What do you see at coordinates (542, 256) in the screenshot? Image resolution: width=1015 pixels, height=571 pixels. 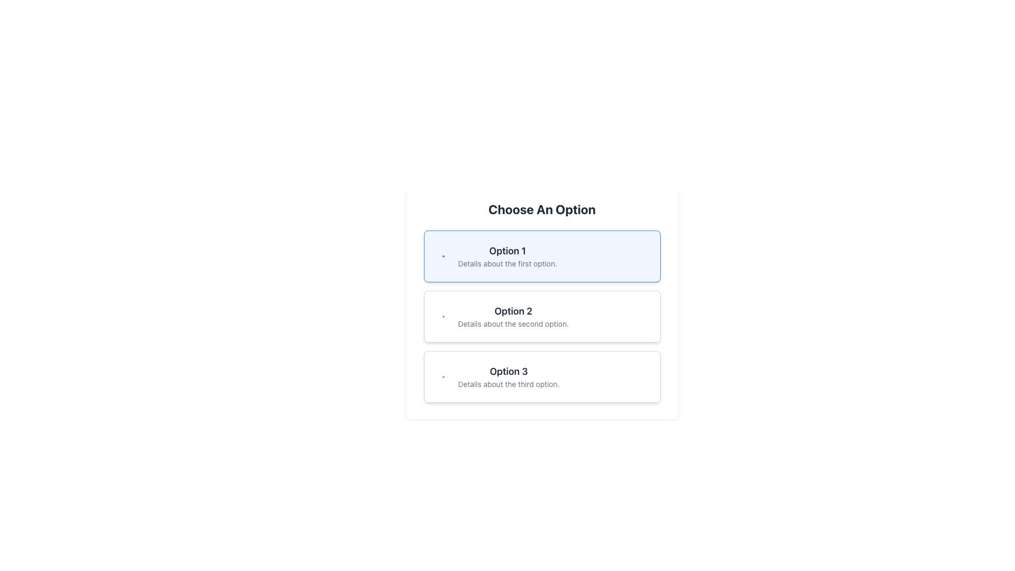 I see `the first selectable option button for 'Option 1'` at bounding box center [542, 256].